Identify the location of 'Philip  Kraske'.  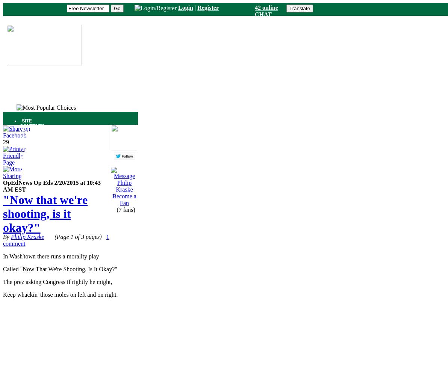
(27, 236).